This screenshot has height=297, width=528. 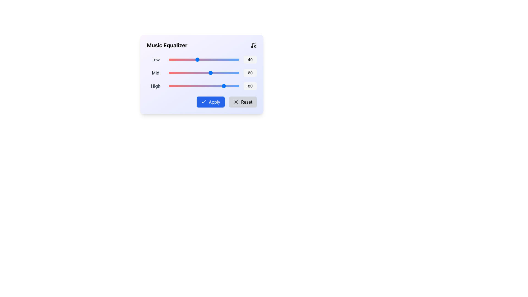 I want to click on the 'X' icon within the 'Reset' button in the Music Equalizer interface, which is located to the left of the 'Reset' text, so click(x=236, y=102).